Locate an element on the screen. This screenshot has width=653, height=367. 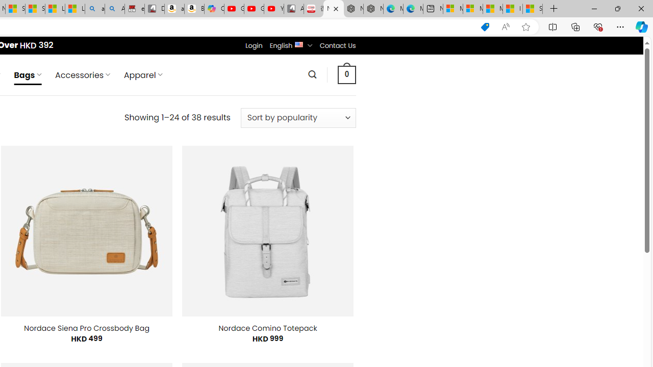
'  0  ' is located at coordinates (346, 74).